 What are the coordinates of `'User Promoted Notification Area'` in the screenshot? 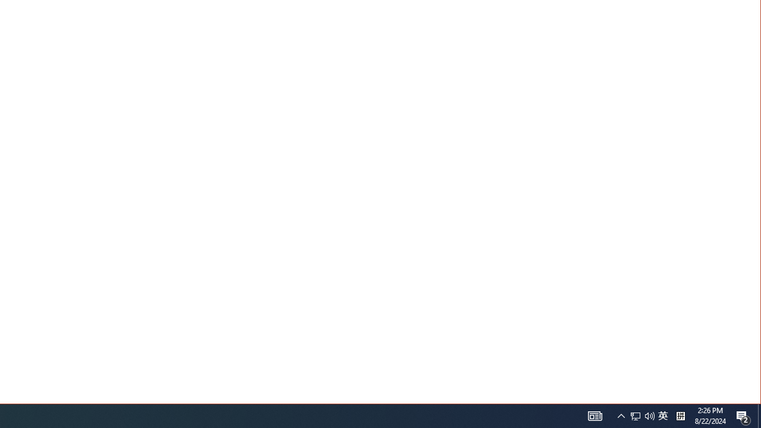 It's located at (641, 415).